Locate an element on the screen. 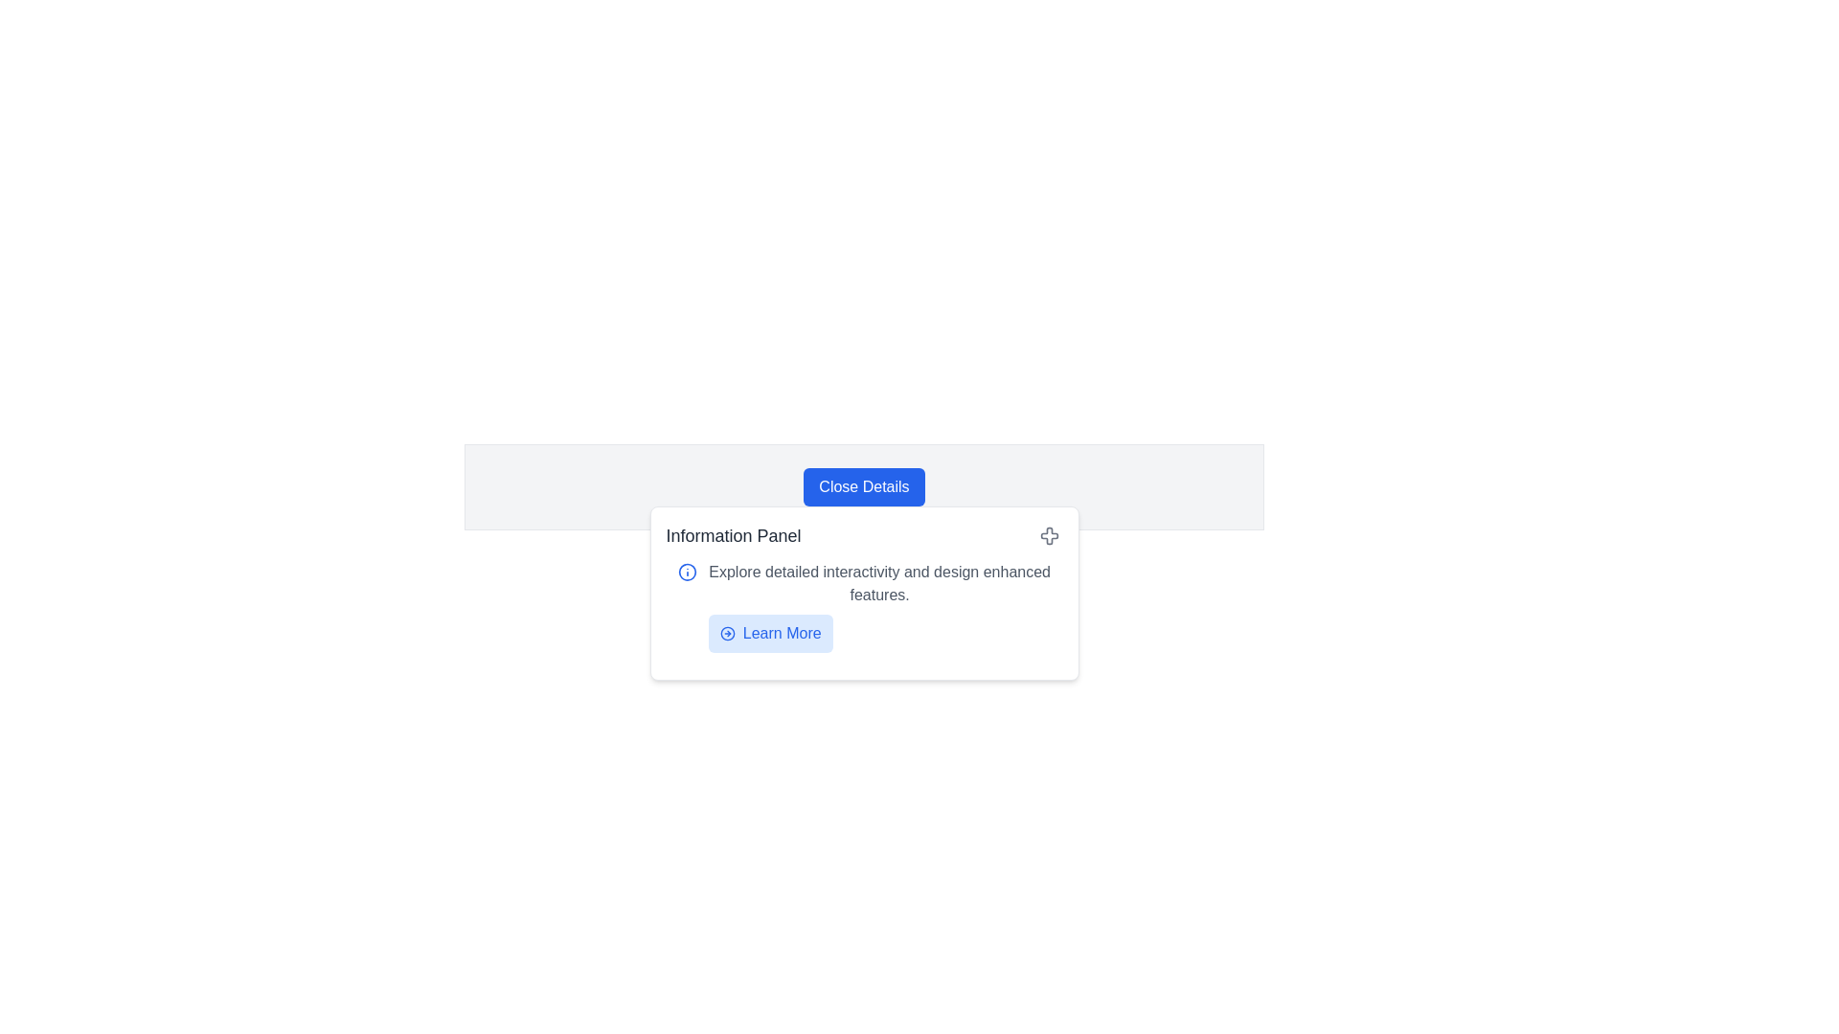  the 'Learn More' text element styled with a blue font, which is part of a button-like component at the bottom of an informational card is located at coordinates (782, 634).